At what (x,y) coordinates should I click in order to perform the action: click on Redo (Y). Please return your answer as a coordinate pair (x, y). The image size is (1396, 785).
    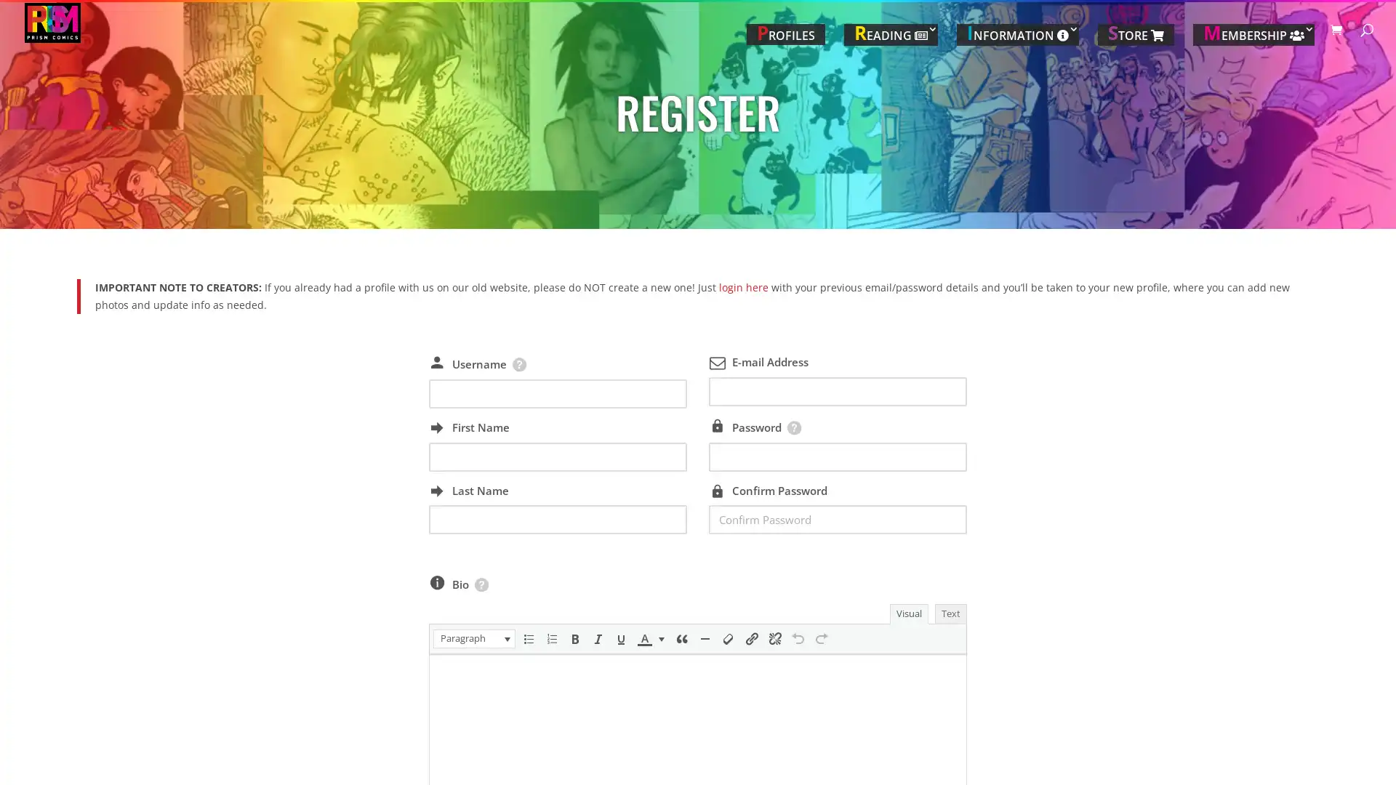
    Looking at the image, I should click on (820, 638).